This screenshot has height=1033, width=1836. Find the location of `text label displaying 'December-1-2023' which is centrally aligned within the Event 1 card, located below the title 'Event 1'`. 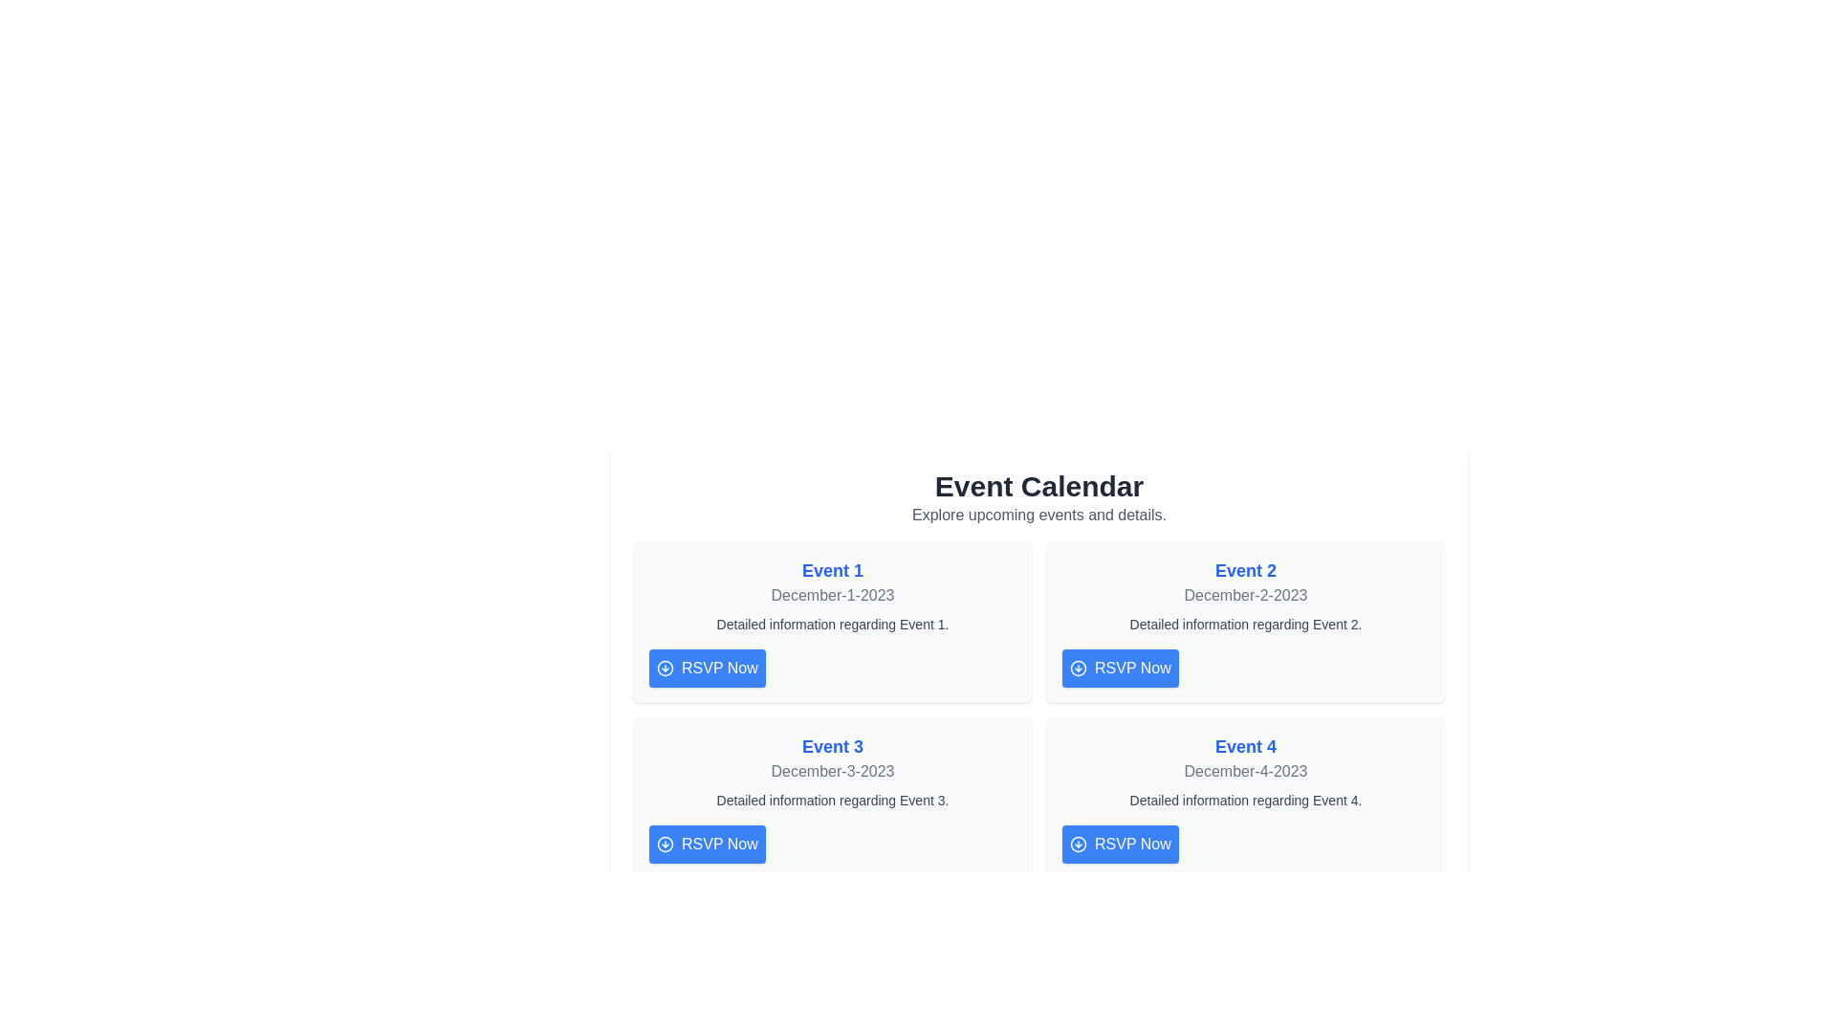

text label displaying 'December-1-2023' which is centrally aligned within the Event 1 card, located below the title 'Event 1' is located at coordinates (832, 595).